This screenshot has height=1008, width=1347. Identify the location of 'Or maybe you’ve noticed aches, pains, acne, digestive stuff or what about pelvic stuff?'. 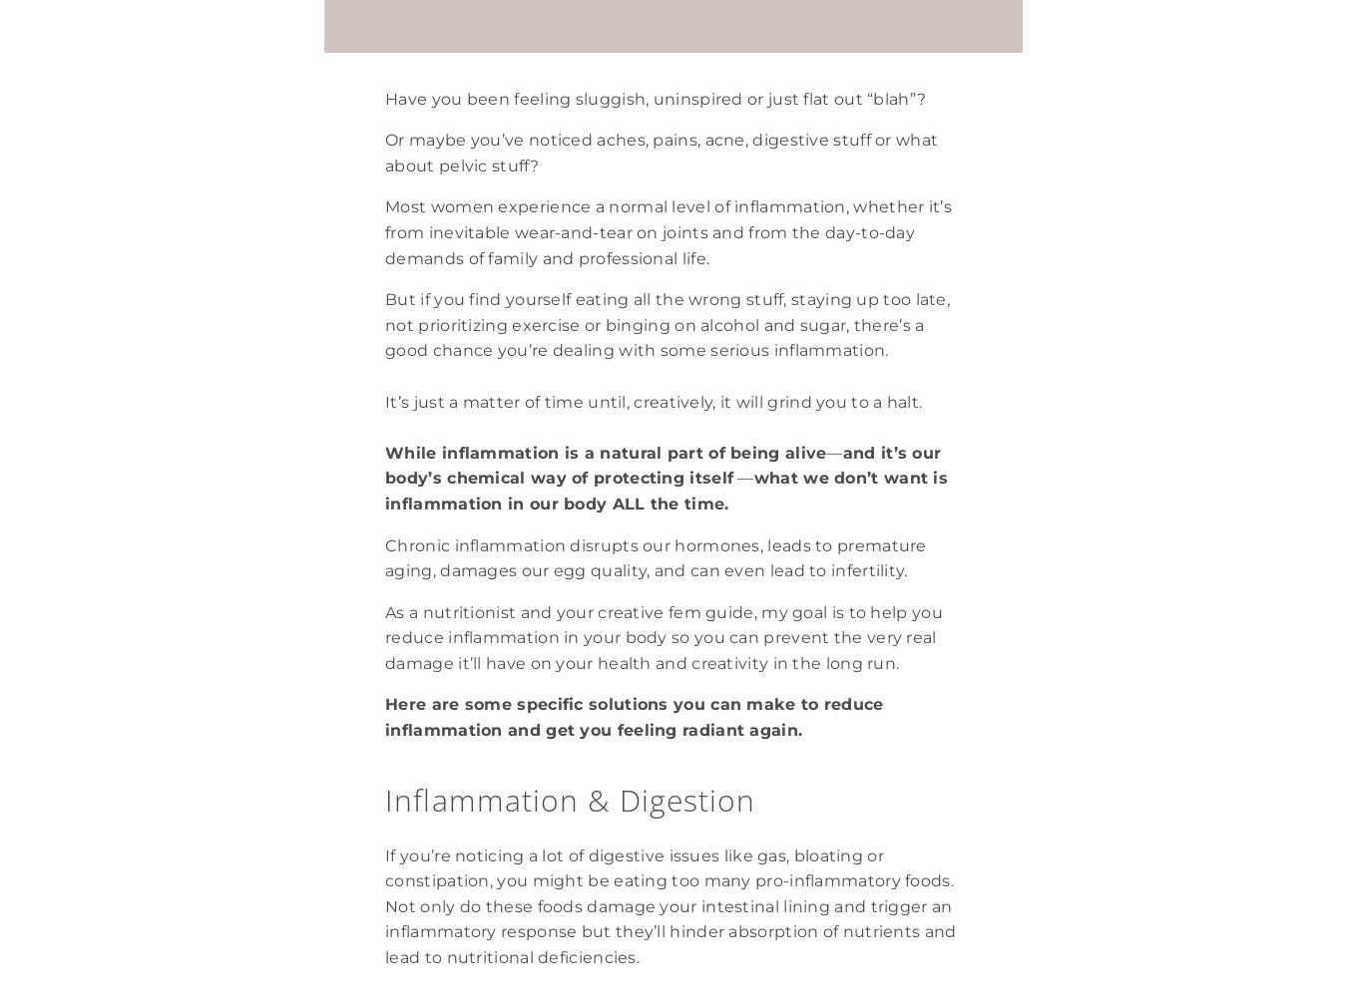
(384, 151).